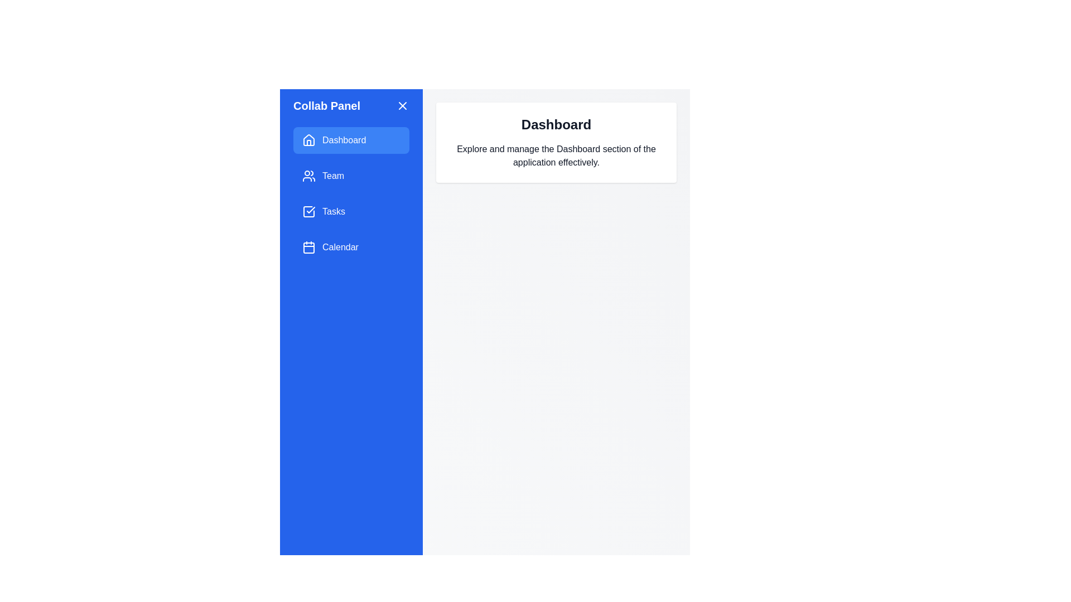 This screenshot has width=1071, height=602. Describe the element at coordinates (350, 176) in the screenshot. I see `the Team option from the navigation menu` at that location.